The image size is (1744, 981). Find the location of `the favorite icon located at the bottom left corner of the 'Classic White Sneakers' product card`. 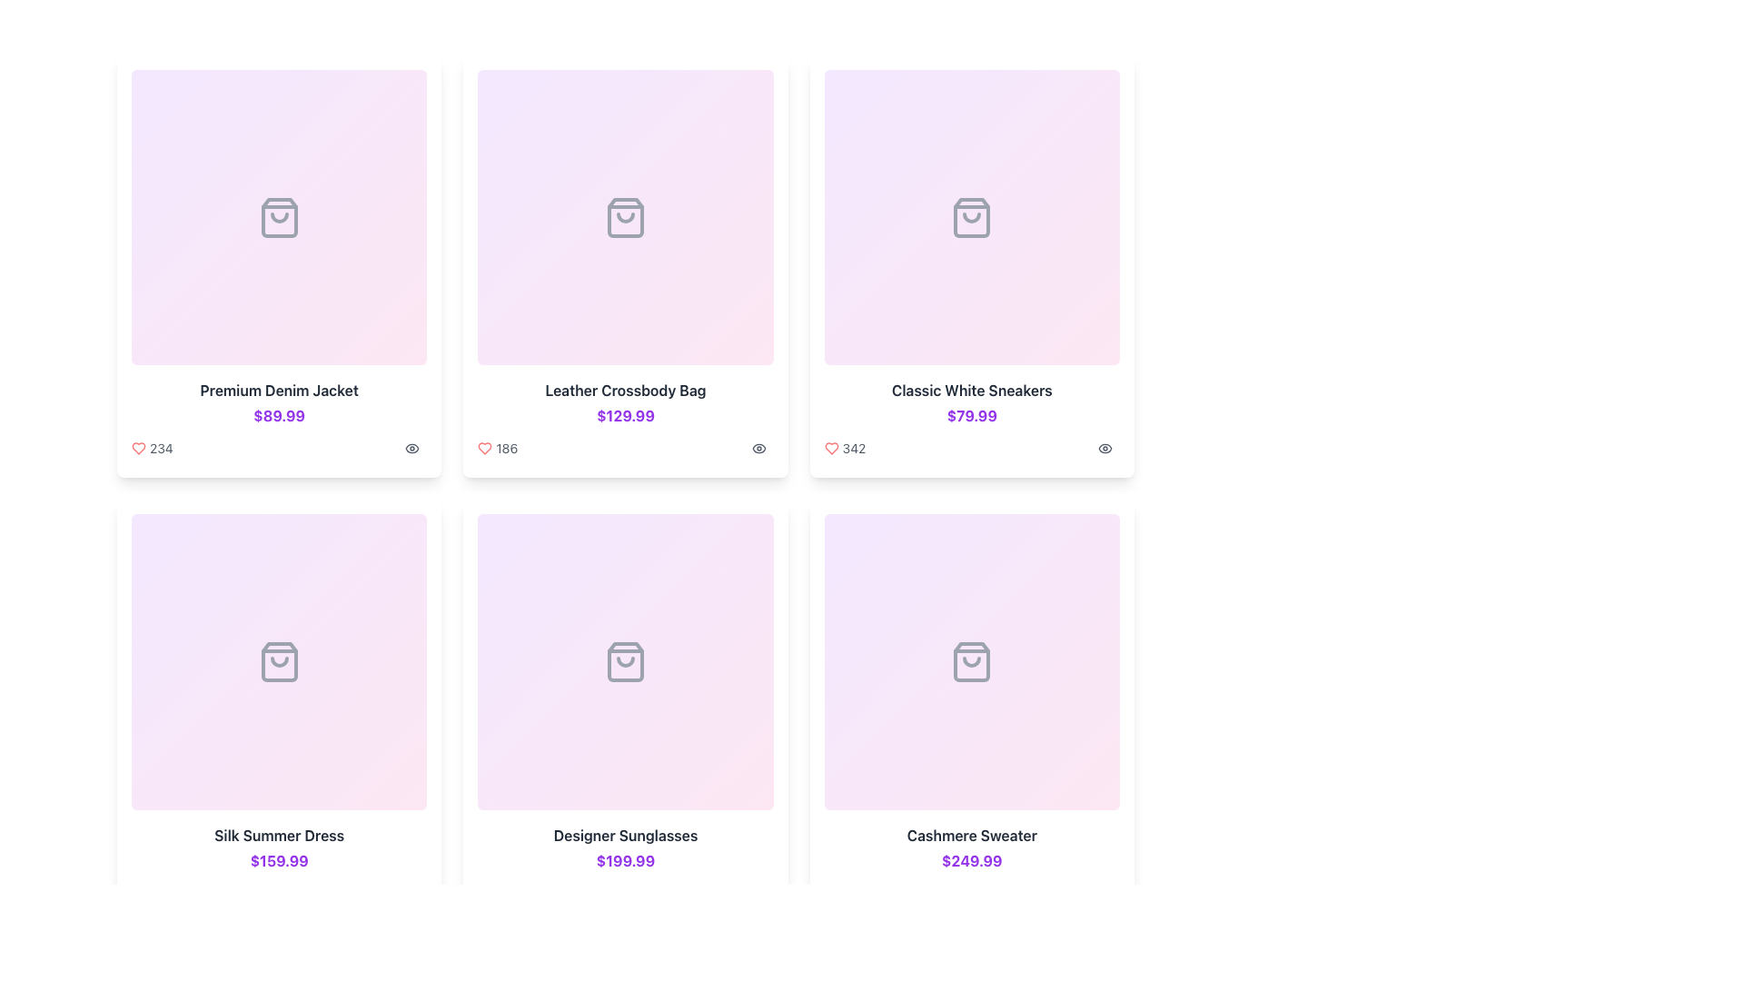

the favorite icon located at the bottom left corner of the 'Classic White Sneakers' product card is located at coordinates (830, 449).